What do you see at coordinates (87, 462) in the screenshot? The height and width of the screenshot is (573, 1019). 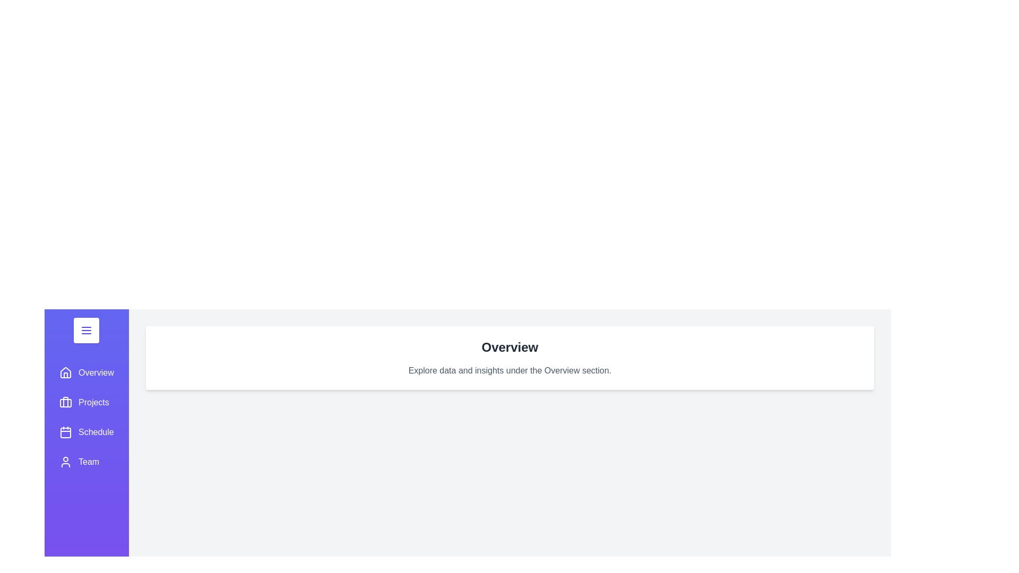 I see `the section Team from the sidebar` at bounding box center [87, 462].